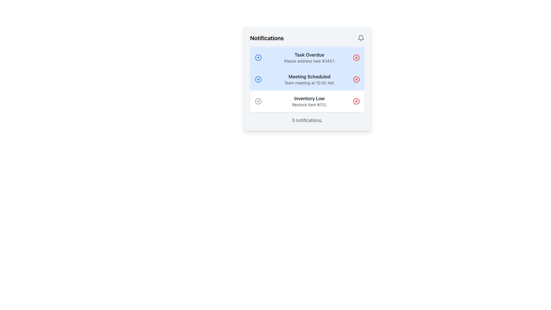 This screenshot has height=310, width=551. I want to click on displayed message from the Text Label that shows 'Task Overdue' in bold style and black color, which is part of a notification item with a blue background, so click(309, 55).